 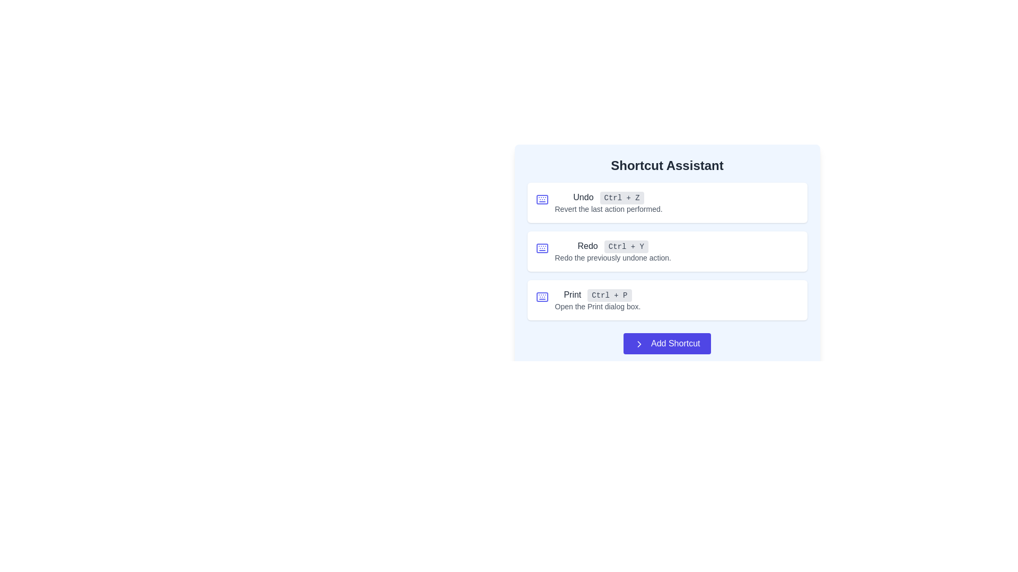 I want to click on the Text Badge displaying the keyboard shortcut 'Ctrl + P', which is located to the right of the word 'Print' in the third row of the vertical list, so click(x=609, y=296).